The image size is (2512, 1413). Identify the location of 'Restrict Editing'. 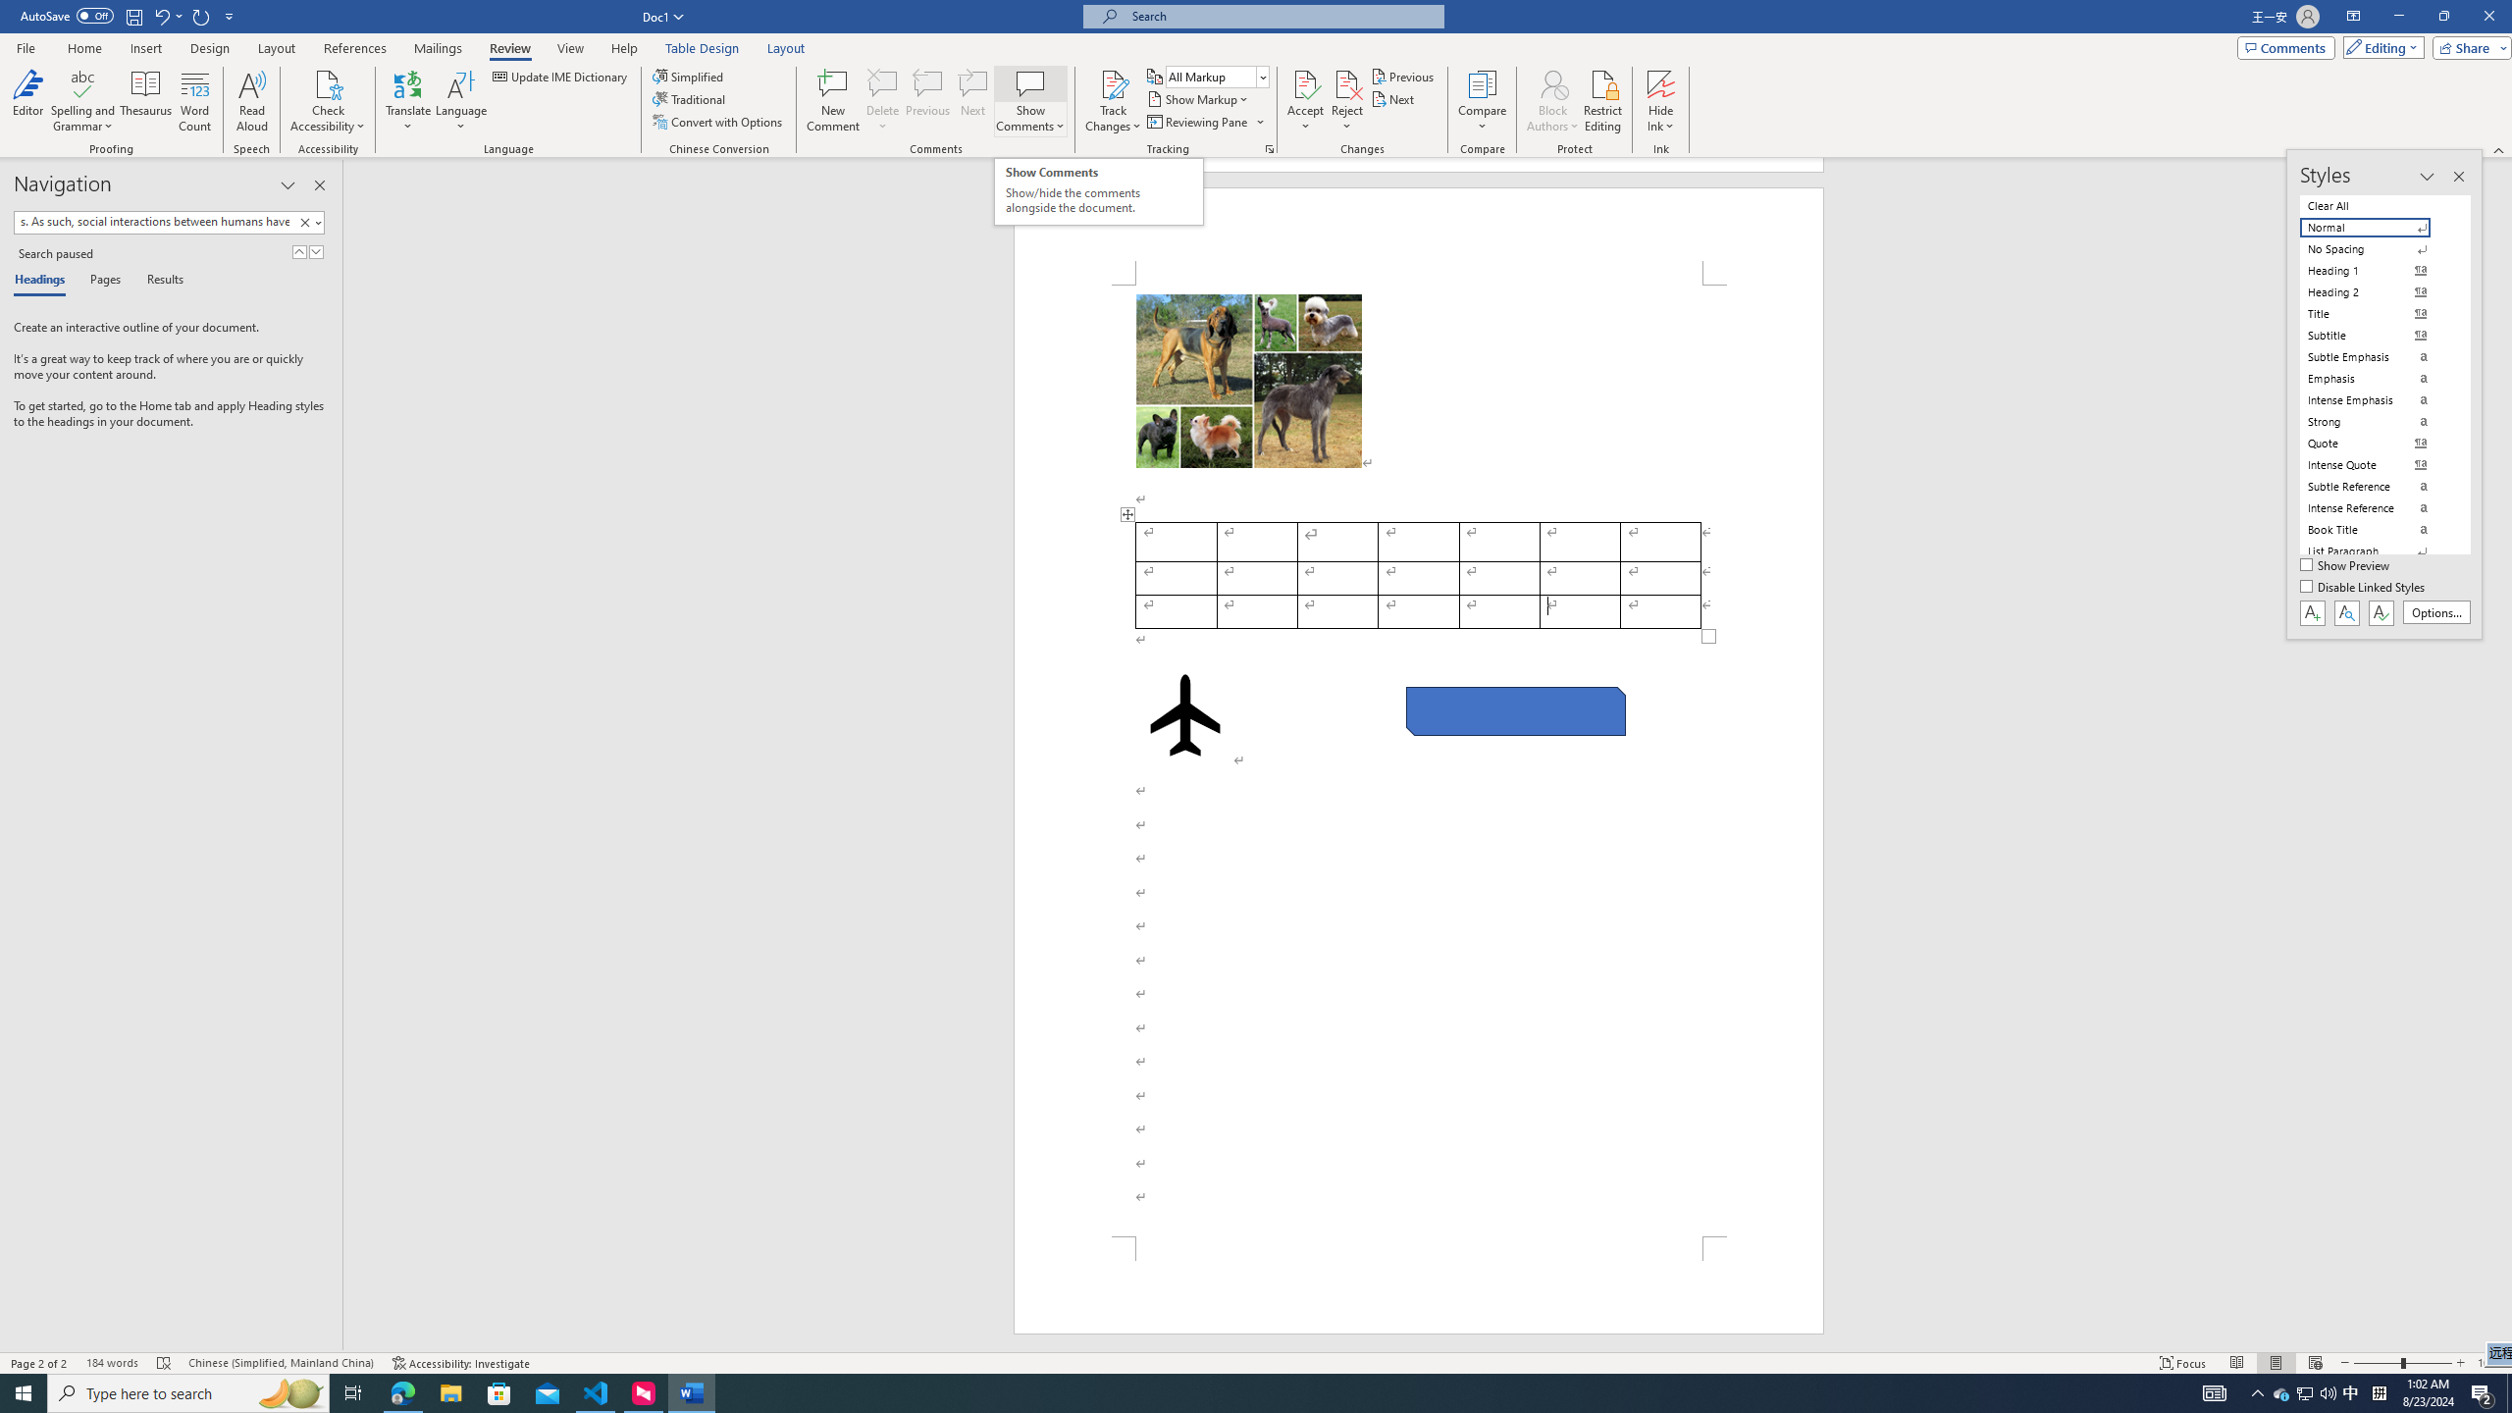
(1603, 101).